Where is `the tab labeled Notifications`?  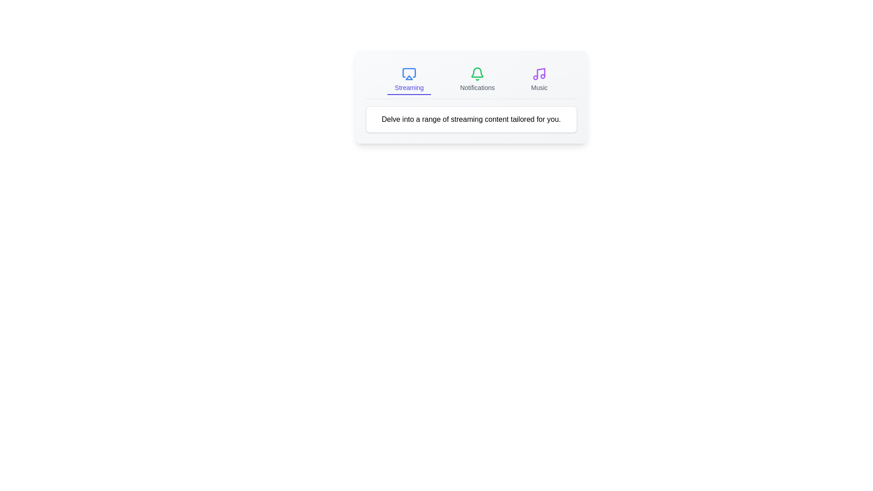 the tab labeled Notifications is located at coordinates (477, 80).